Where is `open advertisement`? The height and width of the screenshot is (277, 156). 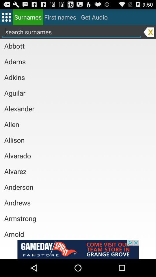 open advertisement is located at coordinates (78, 249).